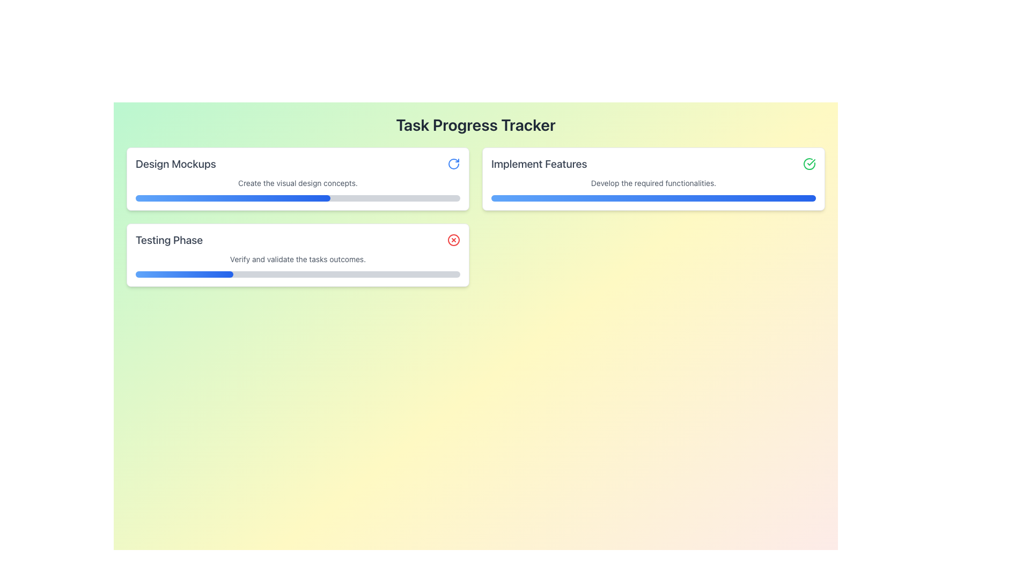 This screenshot has height=579, width=1030. I want to click on the progress status of the horizontal progress bar located beneath the text 'Verify and validate the tasks outcomes.' in the 'Testing Phase' card, so click(298, 274).